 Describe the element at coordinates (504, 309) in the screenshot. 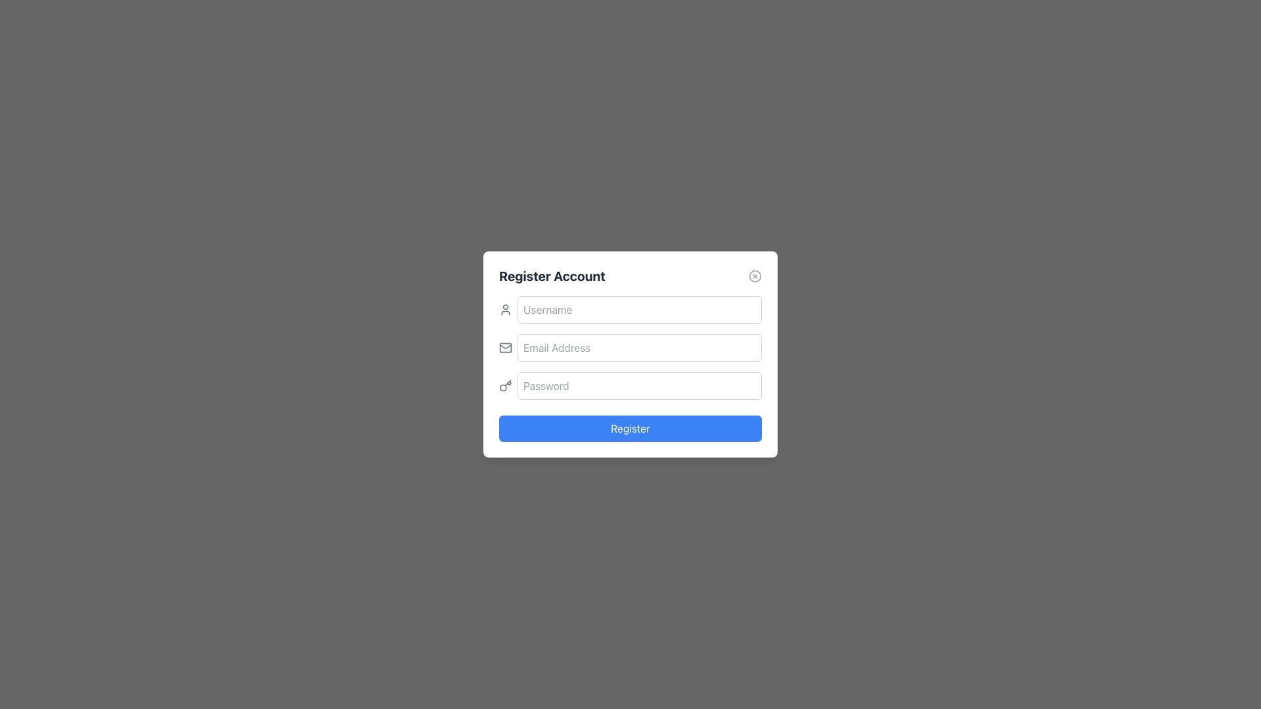

I see `the username icon, which is positioned to the left of the input field with the placeholder 'Username'` at that location.